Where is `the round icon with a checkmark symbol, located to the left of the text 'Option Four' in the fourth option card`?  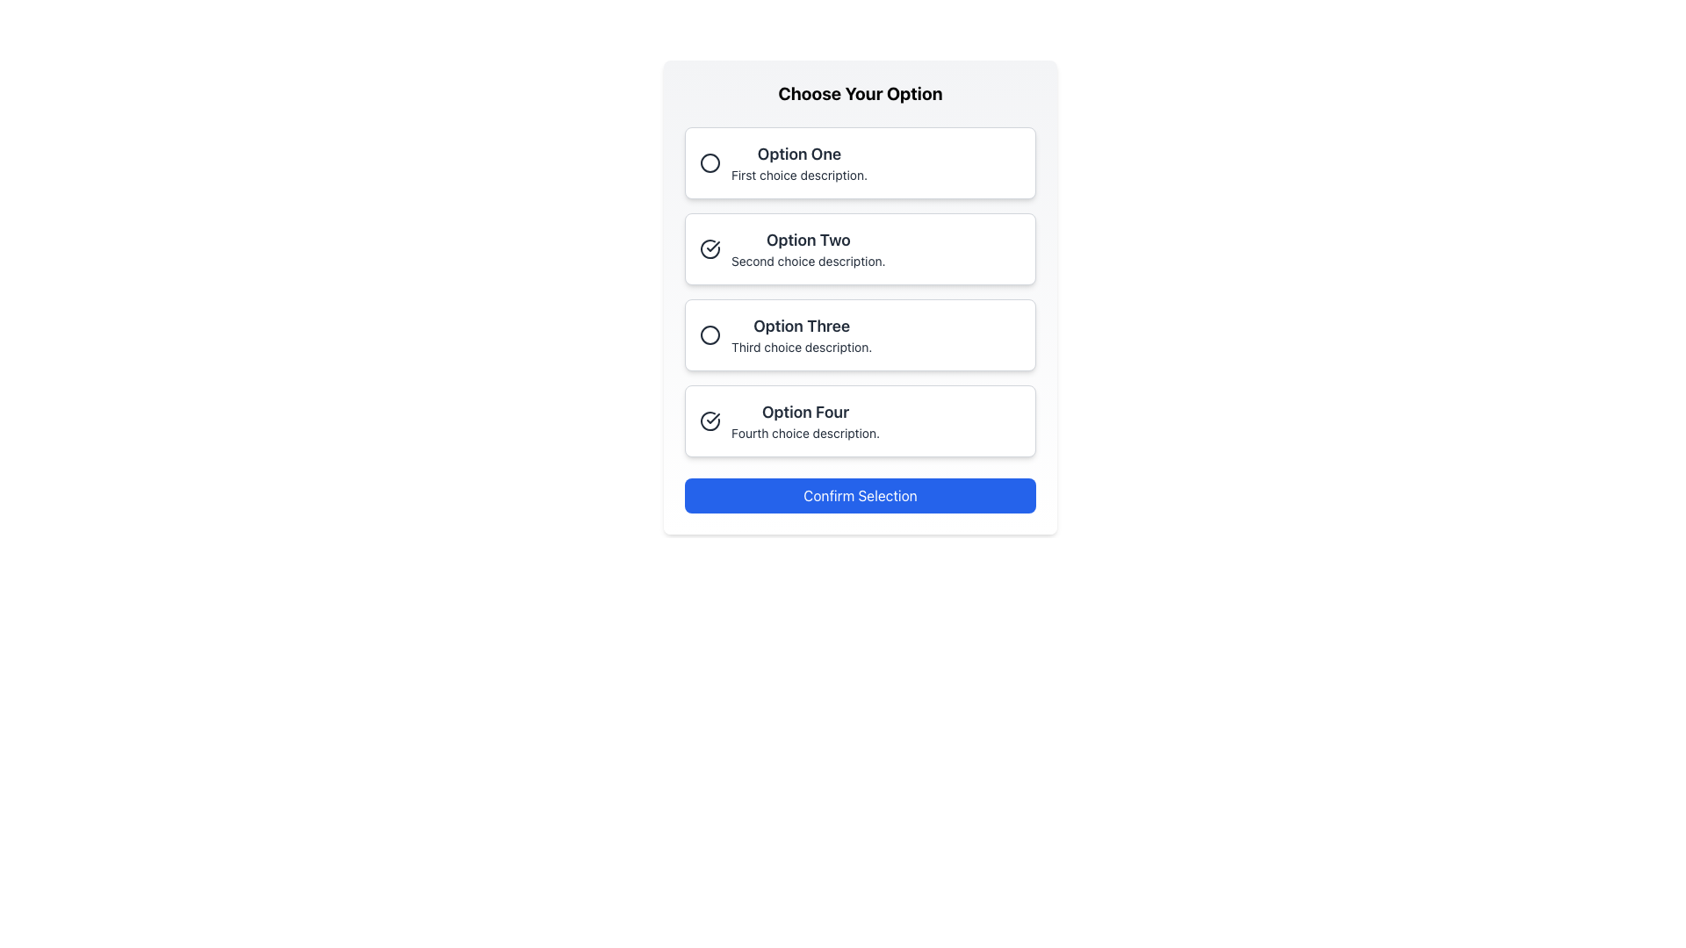
the round icon with a checkmark symbol, located to the left of the text 'Option Four' in the fourth option card is located at coordinates (710, 420).